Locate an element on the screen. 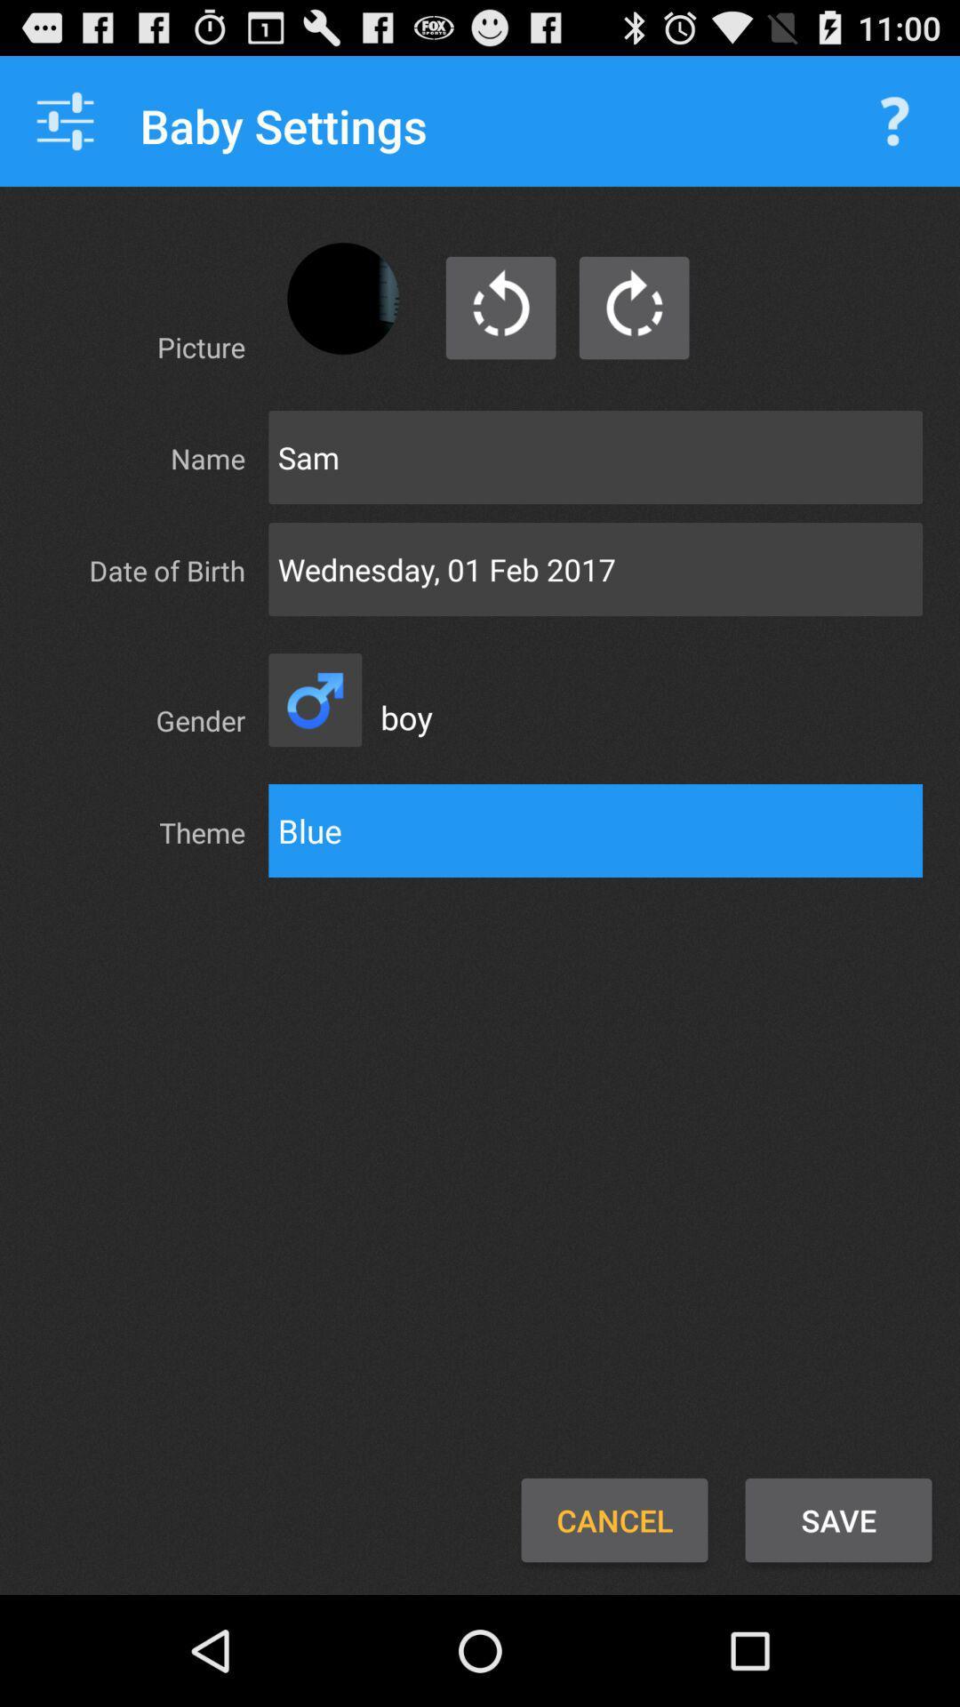 The width and height of the screenshot is (960, 1707). previous is located at coordinates (500, 308).